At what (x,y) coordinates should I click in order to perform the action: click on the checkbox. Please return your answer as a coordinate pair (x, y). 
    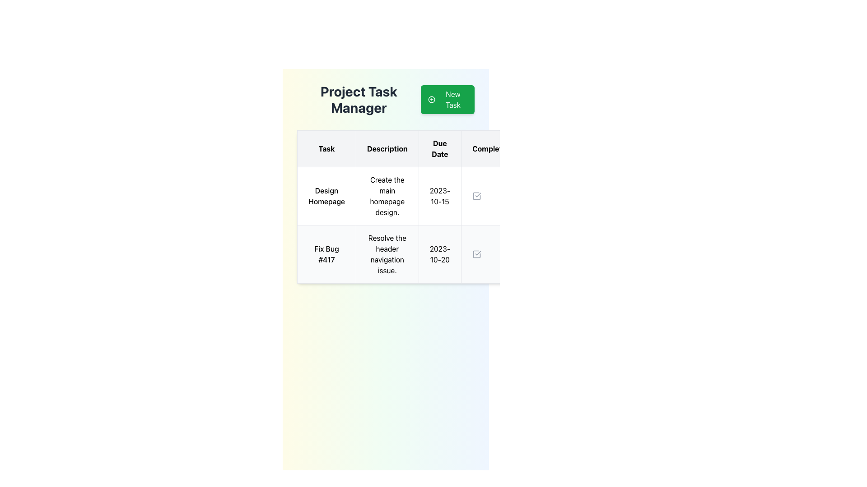
    Looking at the image, I should click on (476, 196).